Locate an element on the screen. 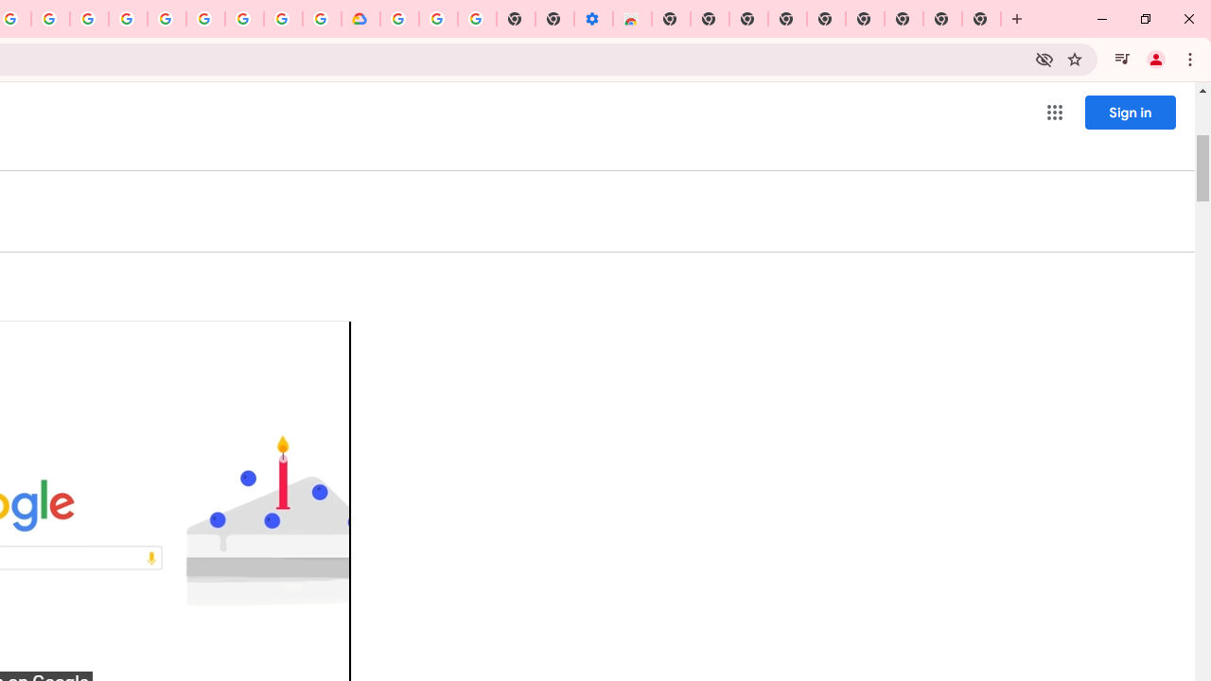 This screenshot has height=681, width=1211. 'Browse the Google Chrome Community - Google Chrome Community' is located at coordinates (322, 19).